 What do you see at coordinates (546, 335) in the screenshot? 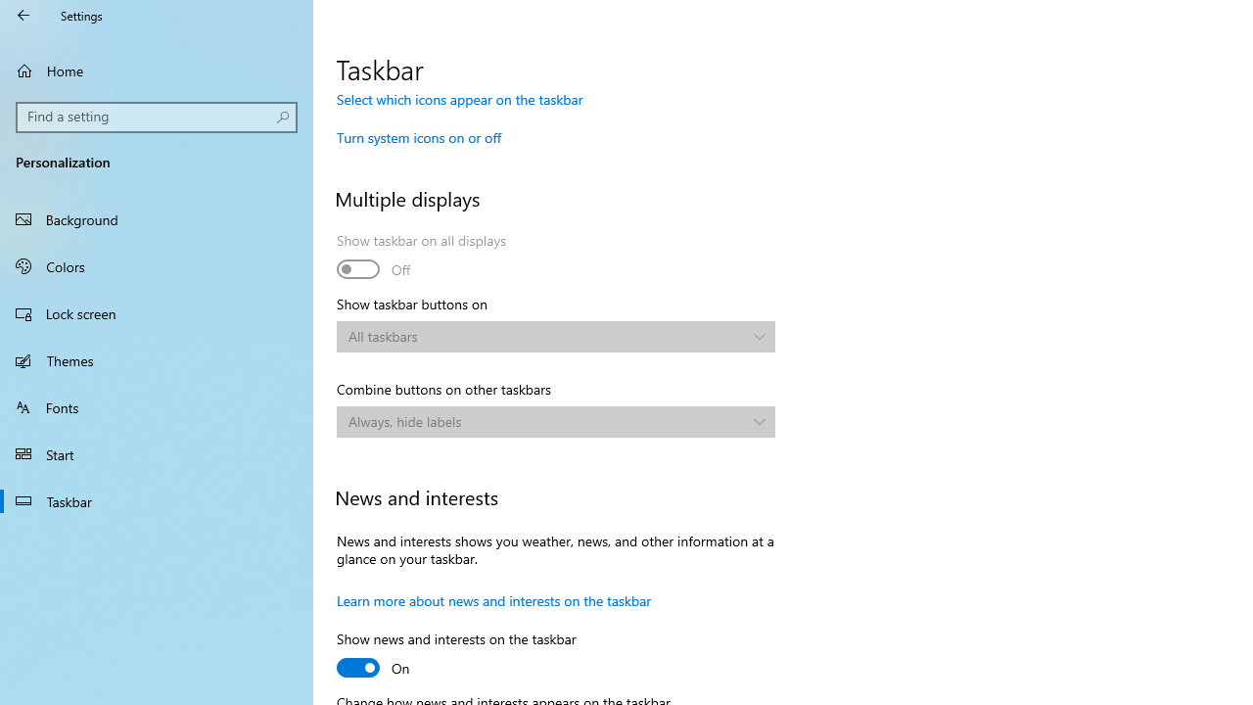
I see `'All taskbars'` at bounding box center [546, 335].